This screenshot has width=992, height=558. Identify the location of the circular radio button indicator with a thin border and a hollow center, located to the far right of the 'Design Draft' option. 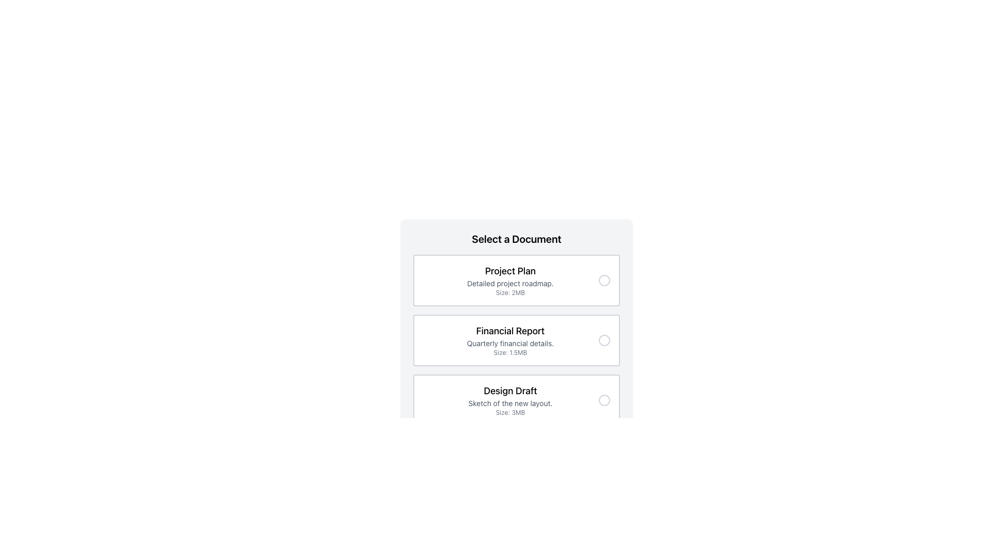
(605, 400).